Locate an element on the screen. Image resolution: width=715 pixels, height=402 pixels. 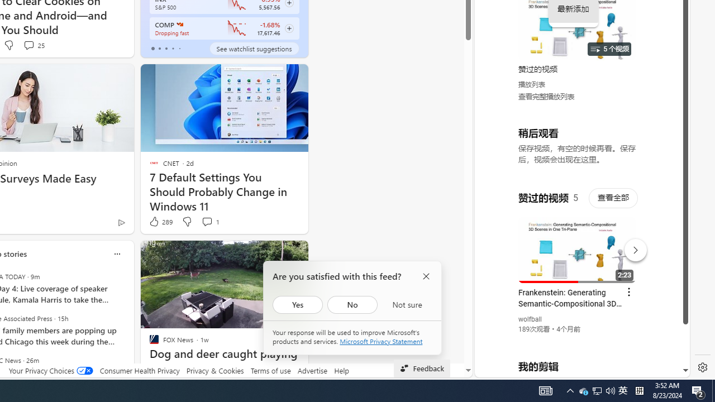
'Terms of use' is located at coordinates (270, 370).